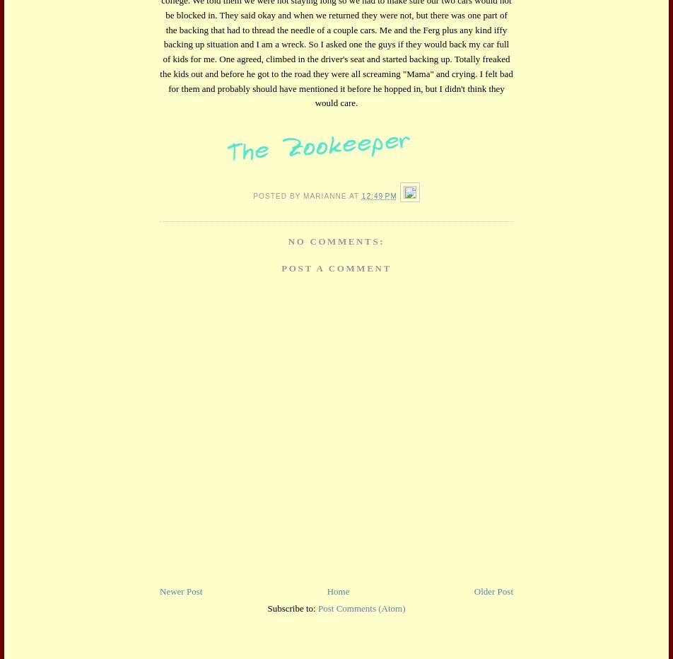 Image resolution: width=673 pixels, height=659 pixels. I want to click on 'Posted by', so click(278, 194).